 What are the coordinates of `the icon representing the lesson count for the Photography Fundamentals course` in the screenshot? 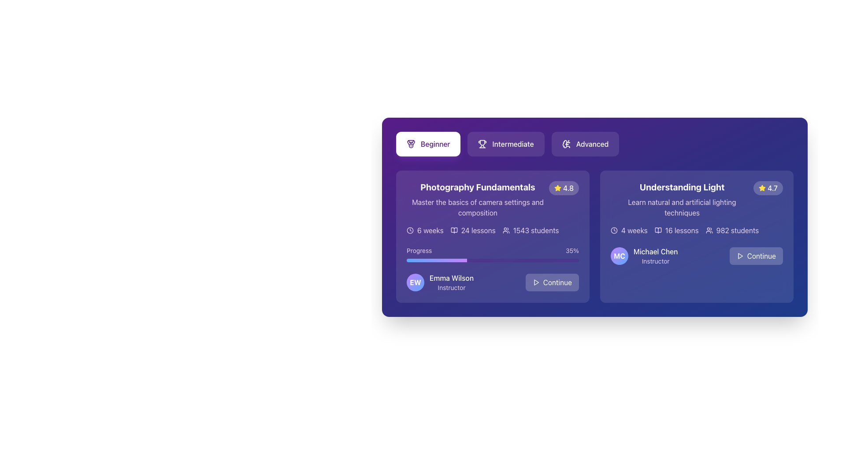 It's located at (454, 230).